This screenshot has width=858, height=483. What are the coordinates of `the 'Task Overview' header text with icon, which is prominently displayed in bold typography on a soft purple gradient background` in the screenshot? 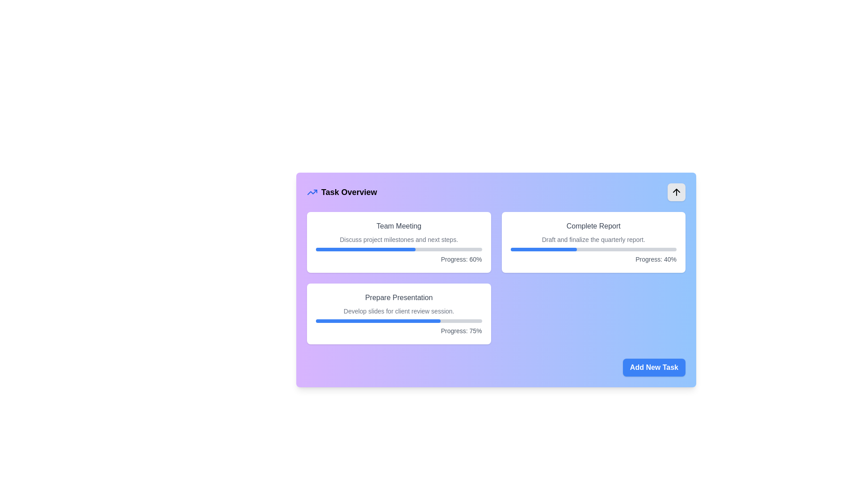 It's located at (341, 191).